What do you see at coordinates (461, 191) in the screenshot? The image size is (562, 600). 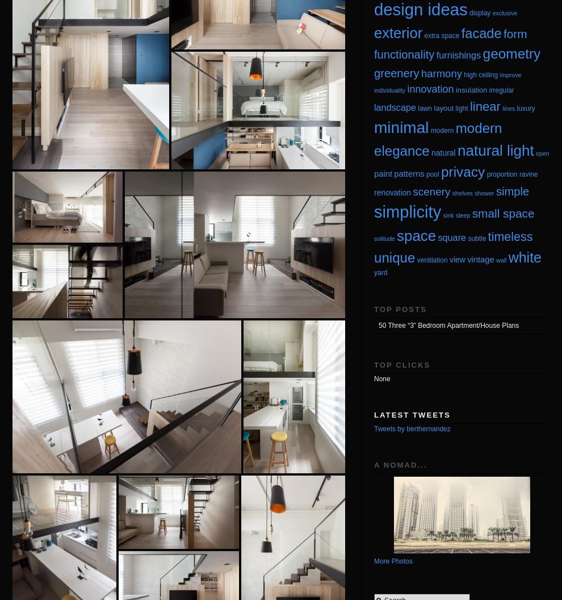 I see `'shelves'` at bounding box center [461, 191].